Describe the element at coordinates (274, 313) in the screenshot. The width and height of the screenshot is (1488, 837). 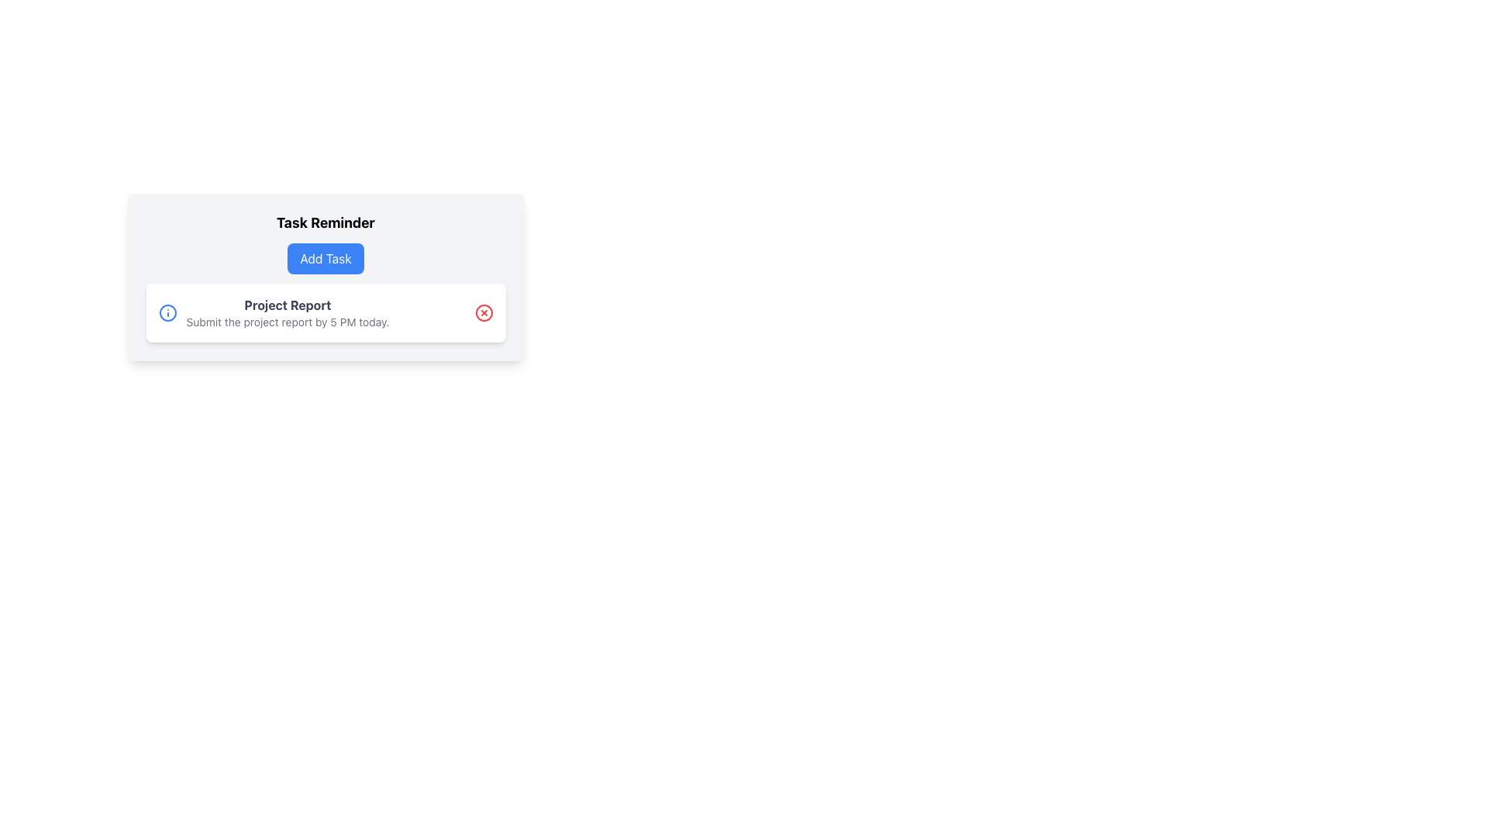
I see `displayed information from the informational text block titled 'Project Report', which includes a subtext about submitting the project report by 5 PM today` at that location.